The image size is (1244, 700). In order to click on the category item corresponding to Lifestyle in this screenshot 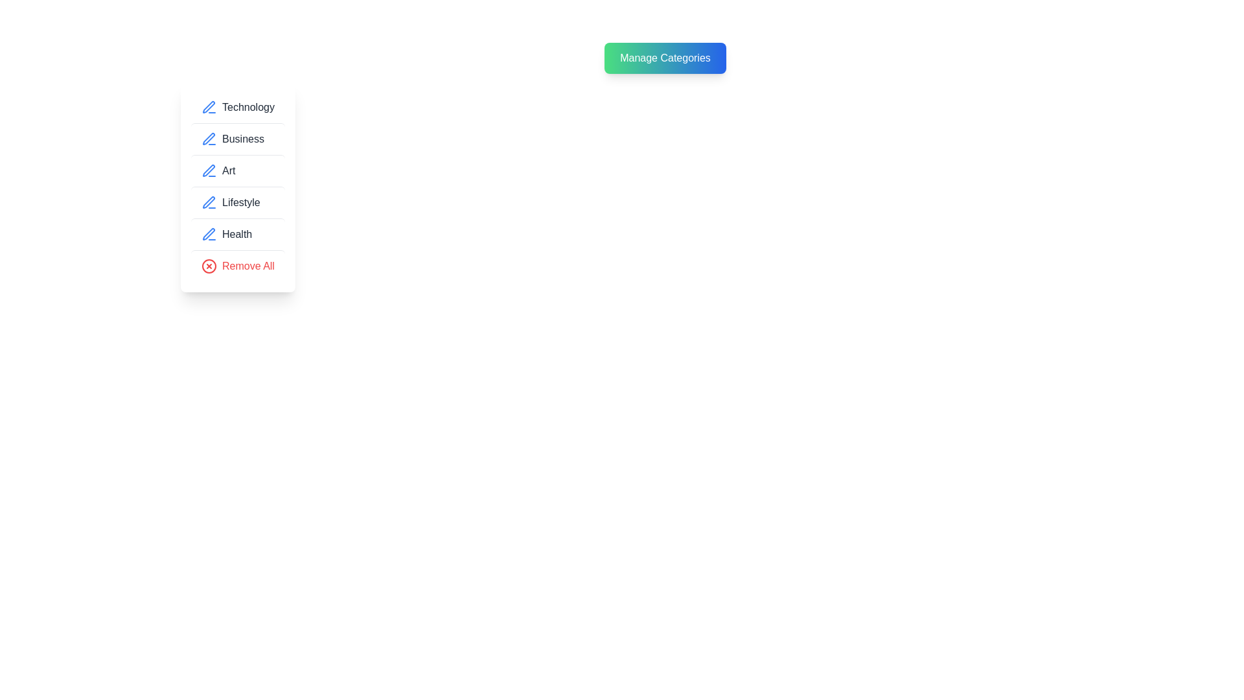, I will do `click(237, 202)`.